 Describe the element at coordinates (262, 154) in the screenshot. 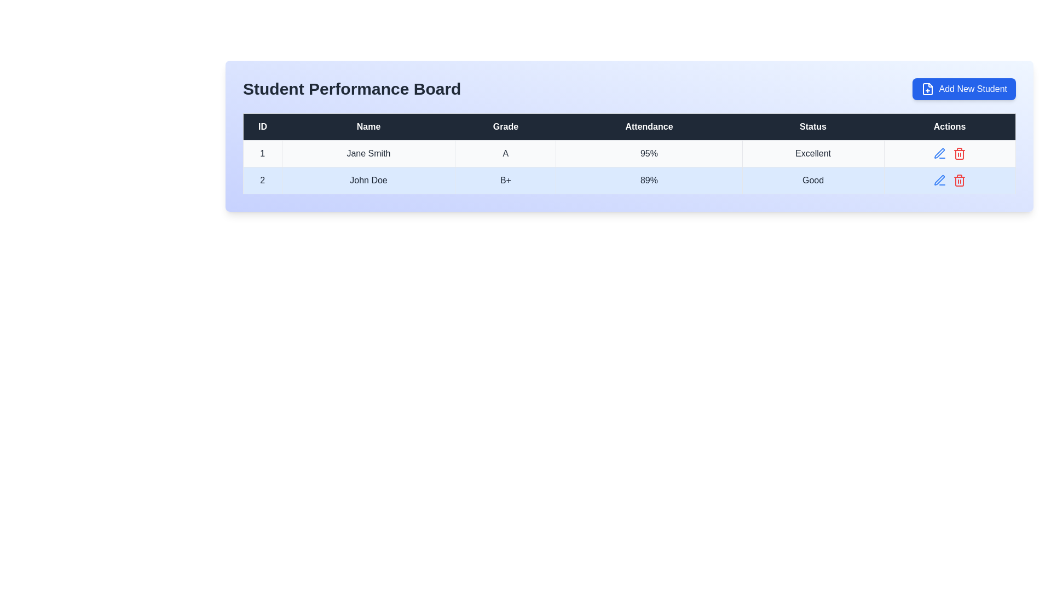

I see `the table cell containing the identifier` at that location.